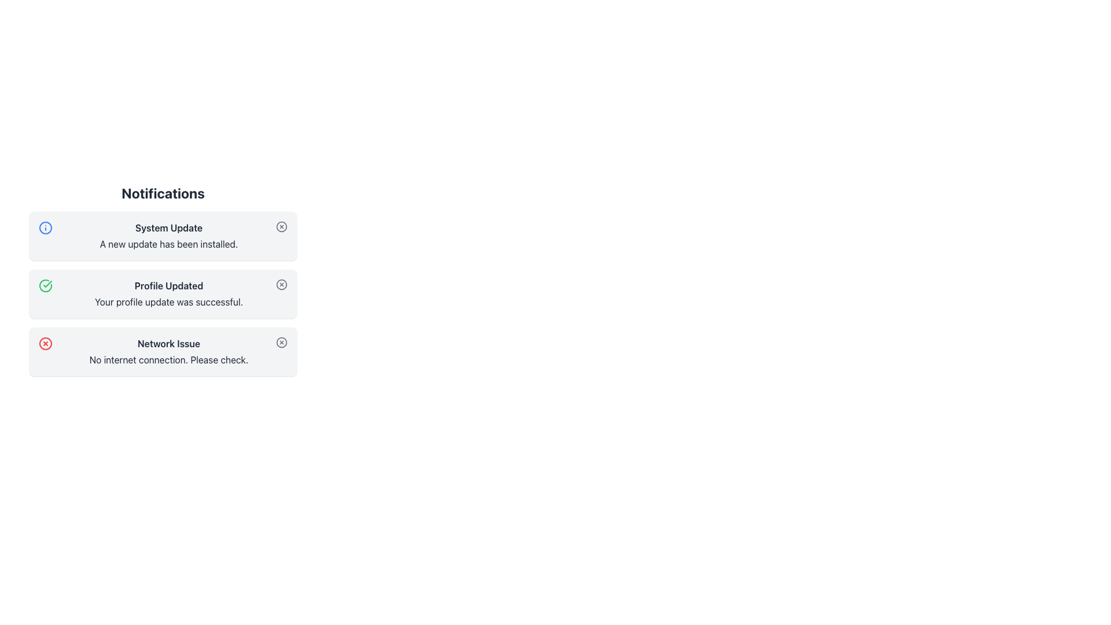  What do you see at coordinates (281, 285) in the screenshot?
I see `the dismiss button located at the far right side of the 'Profile Updated' notification` at bounding box center [281, 285].